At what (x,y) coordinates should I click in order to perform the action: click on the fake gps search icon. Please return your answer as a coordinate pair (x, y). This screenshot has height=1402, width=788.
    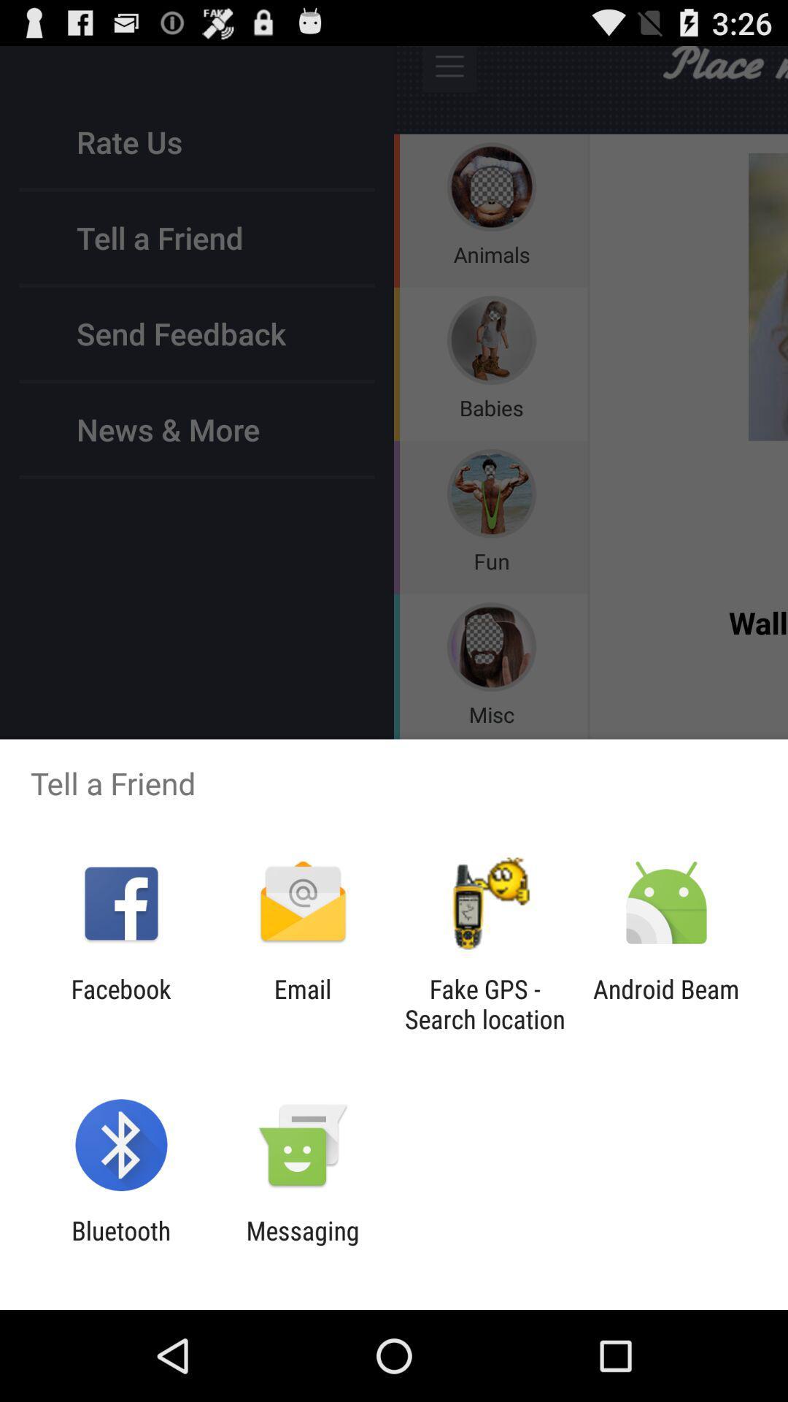
    Looking at the image, I should click on (484, 1003).